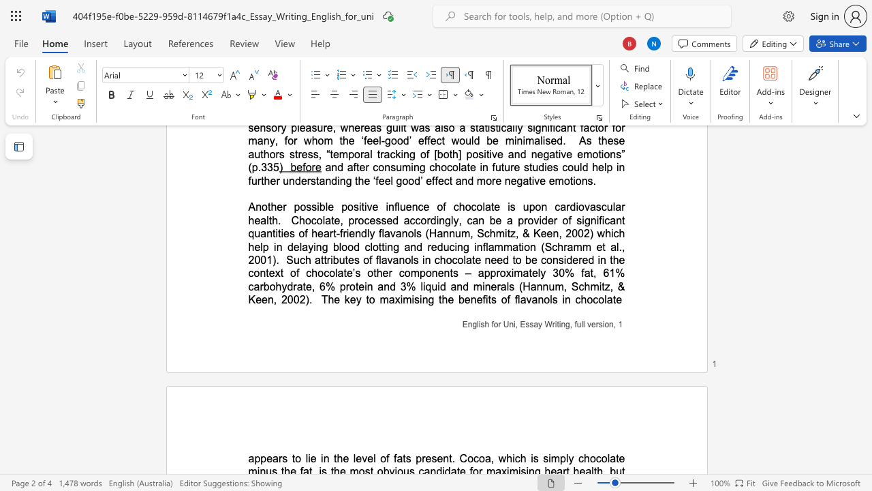  What do you see at coordinates (391, 299) in the screenshot?
I see `the 1th character "a" in the text` at bounding box center [391, 299].